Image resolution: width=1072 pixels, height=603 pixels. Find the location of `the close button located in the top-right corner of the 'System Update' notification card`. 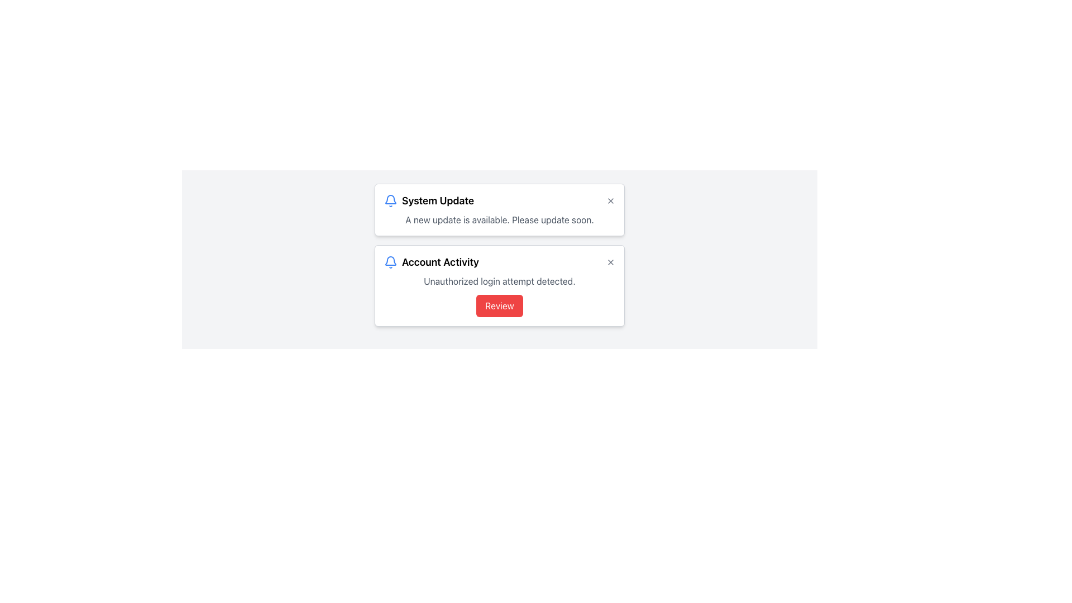

the close button located in the top-right corner of the 'System Update' notification card is located at coordinates (610, 200).